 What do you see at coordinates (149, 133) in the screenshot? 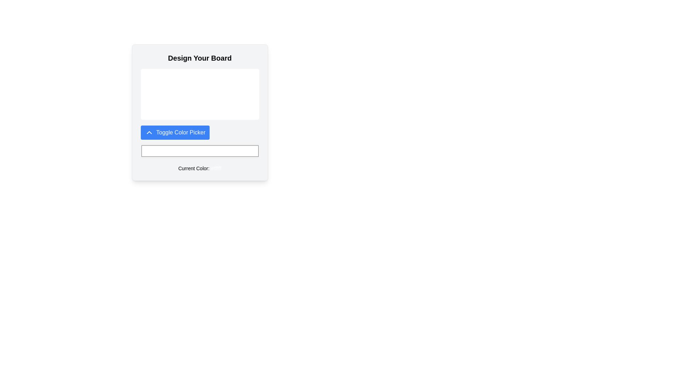
I see `the dropdown toggle icon located on the left side of the 'Toggle Color Picker' button to interact with the dropdown feature` at bounding box center [149, 133].